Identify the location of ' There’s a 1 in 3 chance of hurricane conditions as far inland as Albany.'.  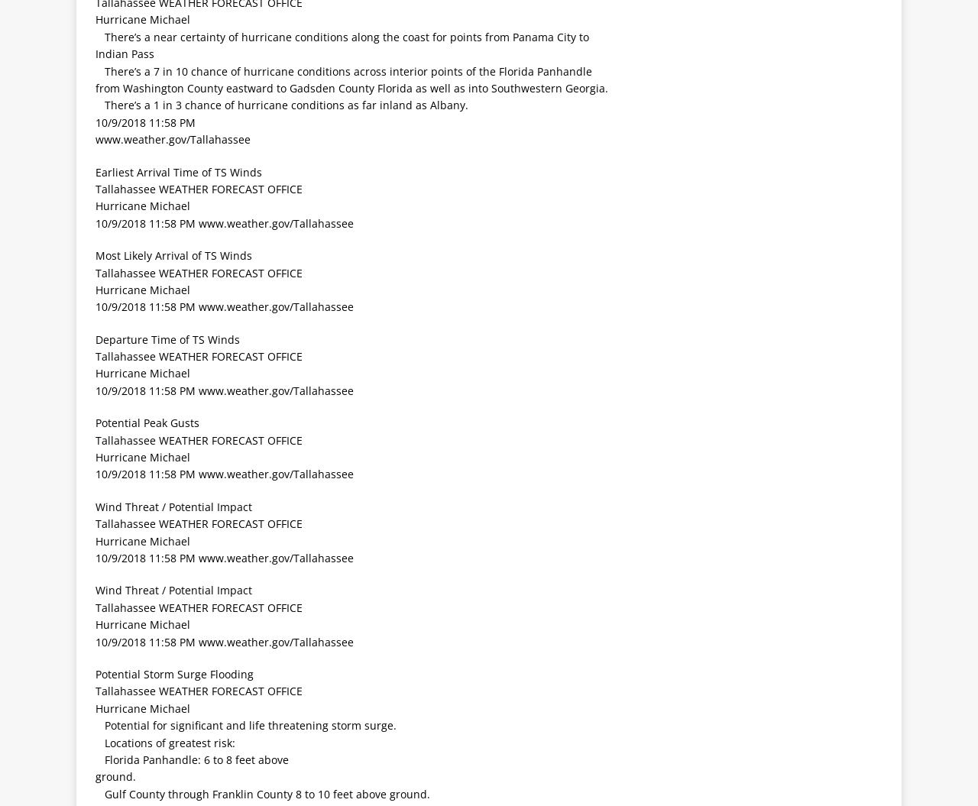
(282, 105).